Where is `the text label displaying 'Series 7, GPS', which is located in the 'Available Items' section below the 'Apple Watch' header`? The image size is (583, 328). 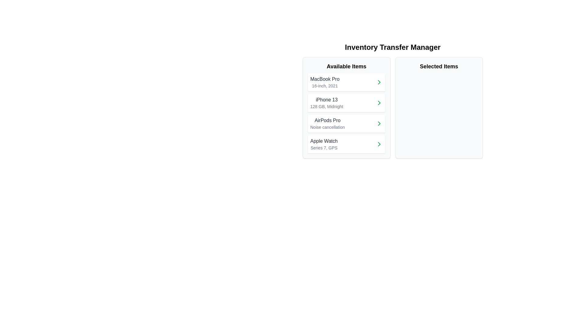
the text label displaying 'Series 7, GPS', which is located in the 'Available Items' section below the 'Apple Watch' header is located at coordinates (324, 148).